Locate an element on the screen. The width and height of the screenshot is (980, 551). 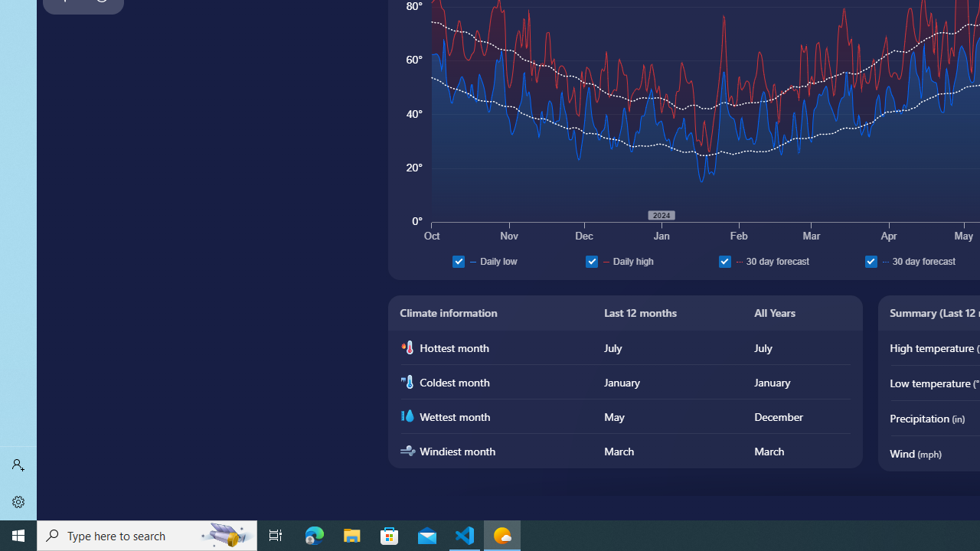
'Search highlights icon opens search home window' is located at coordinates (225, 534).